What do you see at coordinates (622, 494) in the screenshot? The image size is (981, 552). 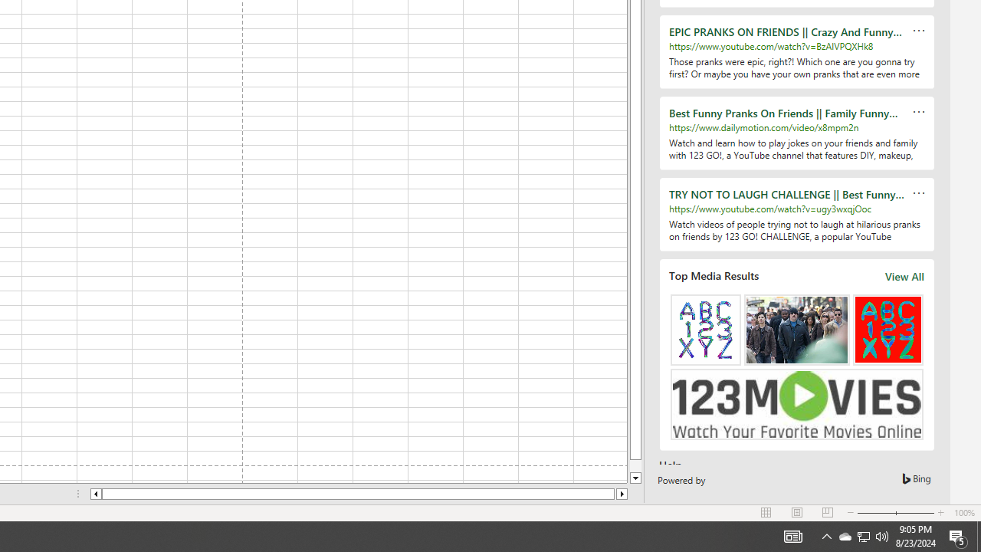 I see `'Column right'` at bounding box center [622, 494].